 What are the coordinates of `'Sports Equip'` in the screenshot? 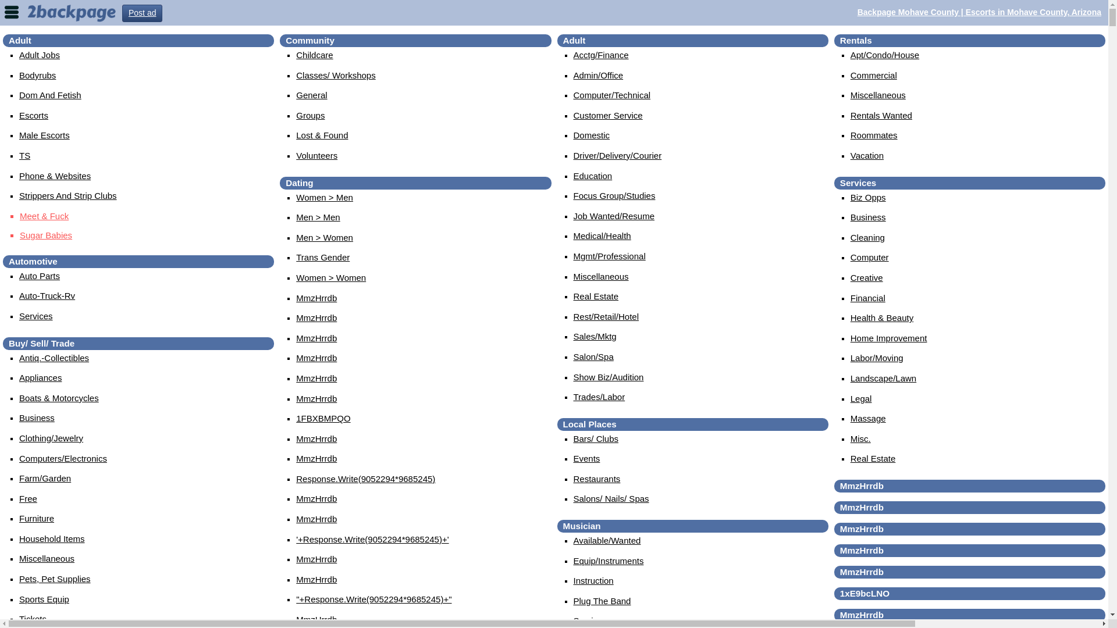 It's located at (44, 599).